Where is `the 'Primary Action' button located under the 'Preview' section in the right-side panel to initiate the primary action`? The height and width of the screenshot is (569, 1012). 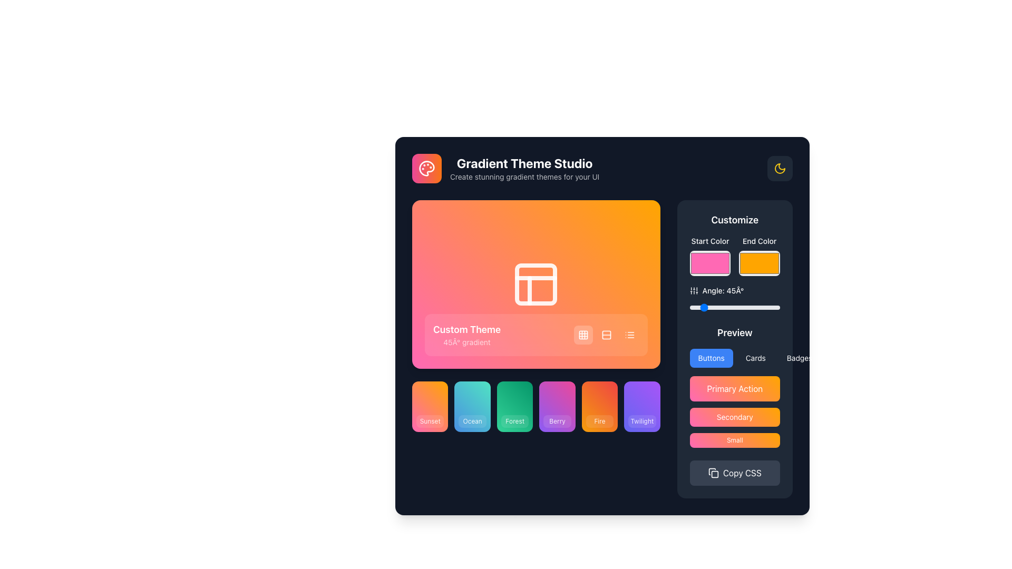 the 'Primary Action' button located under the 'Preview' section in the right-side panel to initiate the primary action is located at coordinates (734, 386).